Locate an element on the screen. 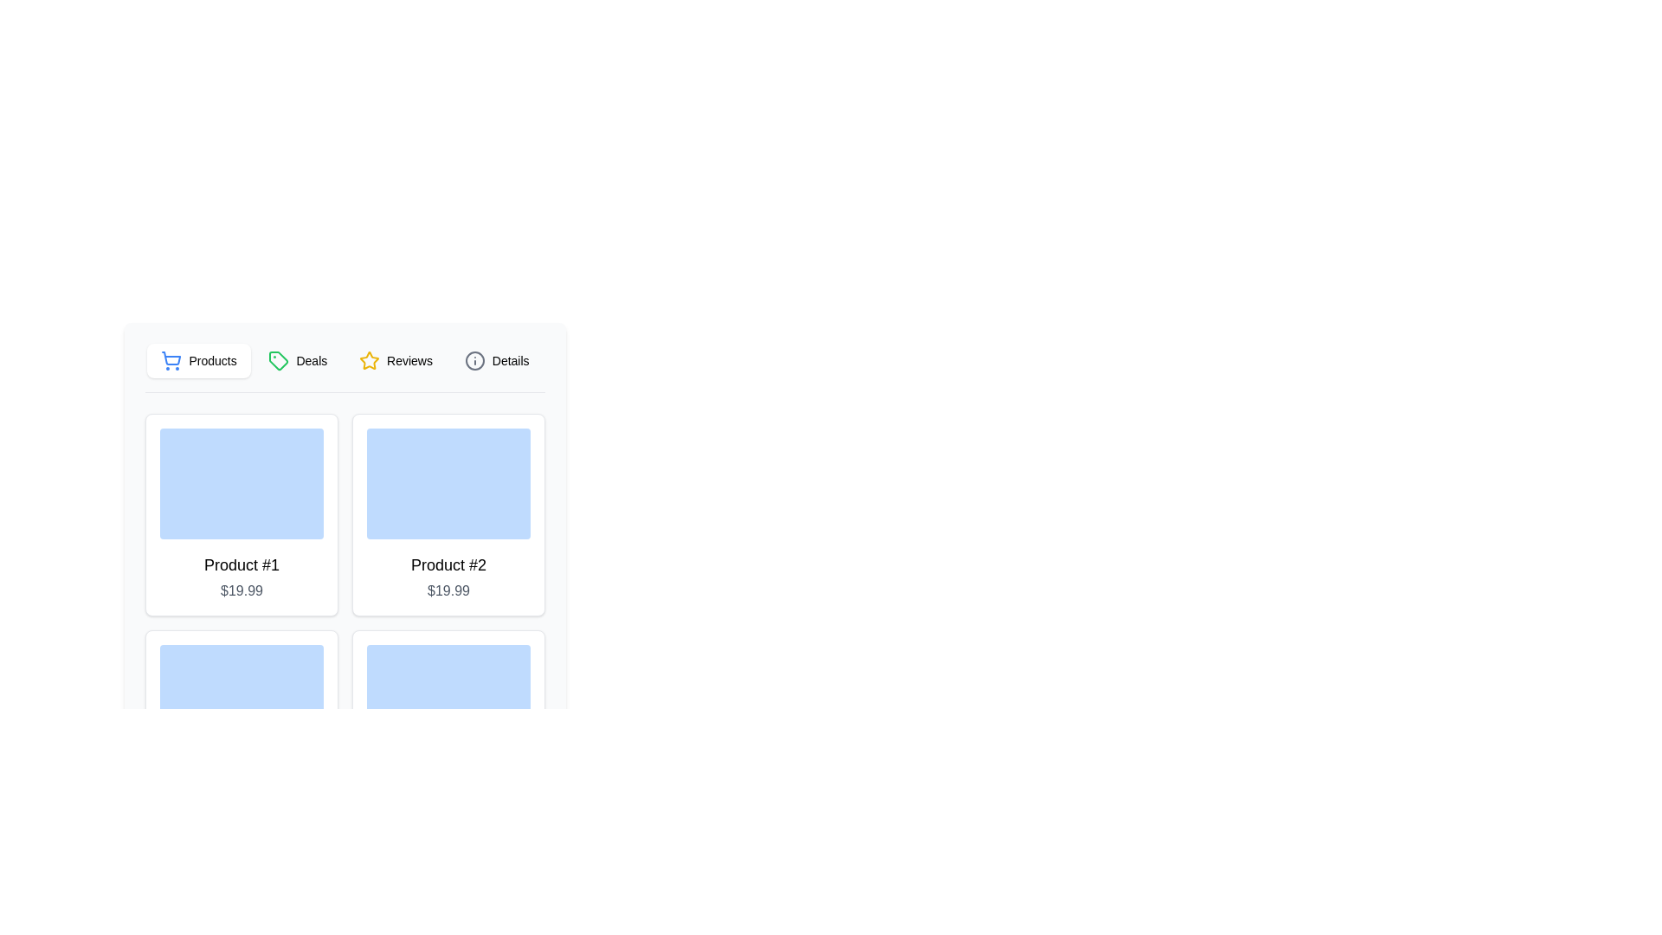 The height and width of the screenshot is (935, 1662). the circular info icon with an 'i' inside, located next to the 'Details' label in the top navigation menu is located at coordinates (474, 359).